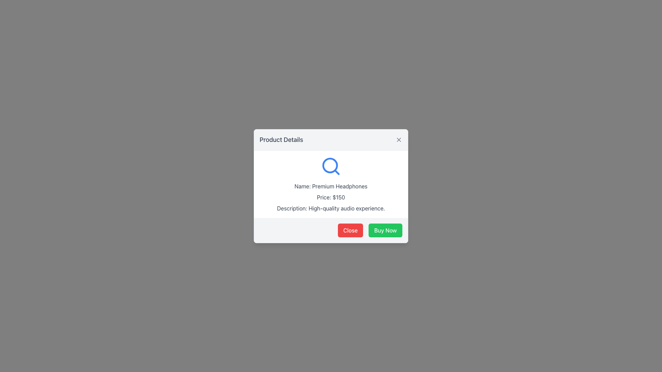  I want to click on text label displaying 'Price: $150', which is centered horizontally in the 'Product Details' dialog box and positioned below 'Name: Premium Headphones', so click(331, 197).